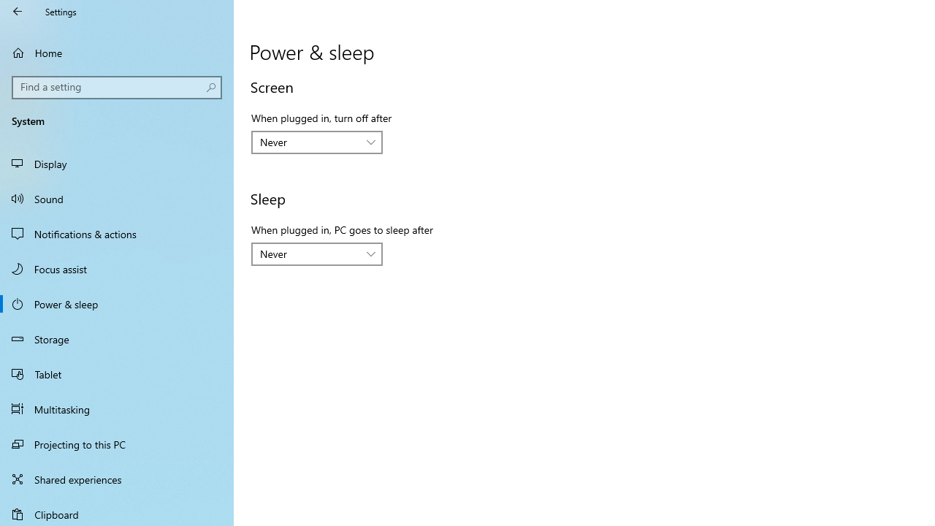 The image size is (935, 526). What do you see at coordinates (117, 163) in the screenshot?
I see `'Display'` at bounding box center [117, 163].